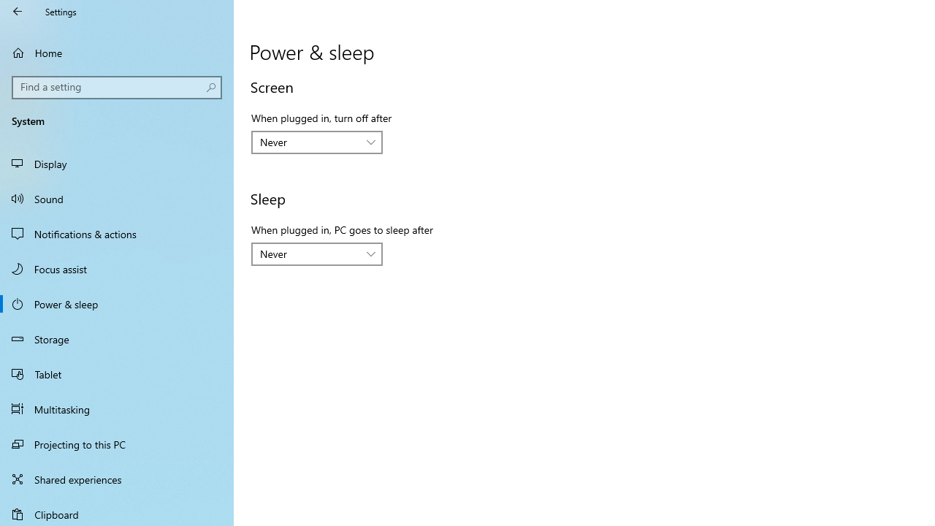 The image size is (935, 526). What do you see at coordinates (117, 163) in the screenshot?
I see `'Display'` at bounding box center [117, 163].